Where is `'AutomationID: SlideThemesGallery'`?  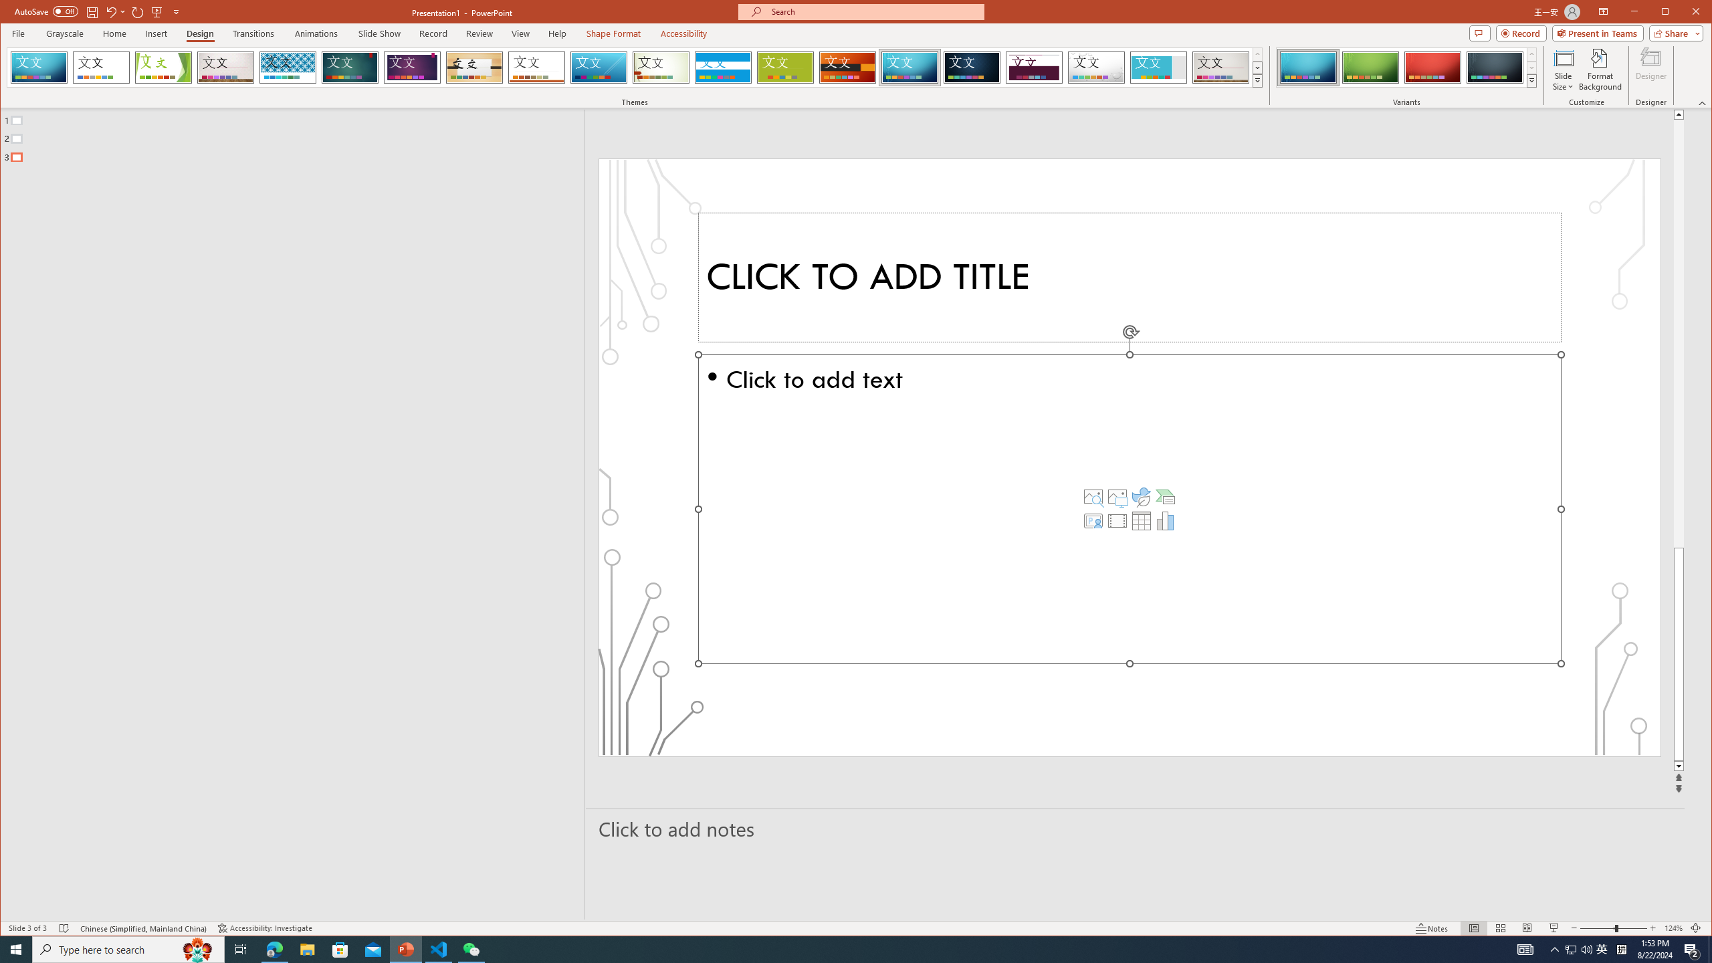 'AutomationID: SlideThemesGallery' is located at coordinates (635, 66).